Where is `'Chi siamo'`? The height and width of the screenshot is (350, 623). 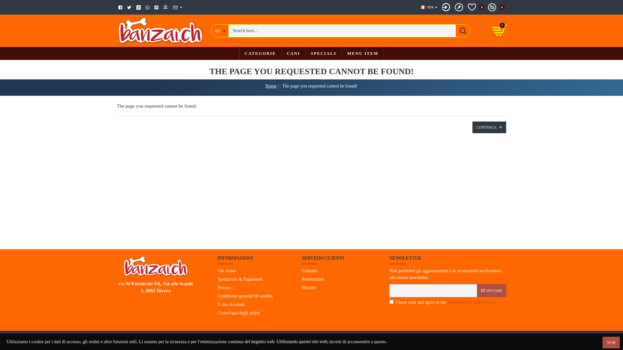 'Chi siamo' is located at coordinates (217, 271).